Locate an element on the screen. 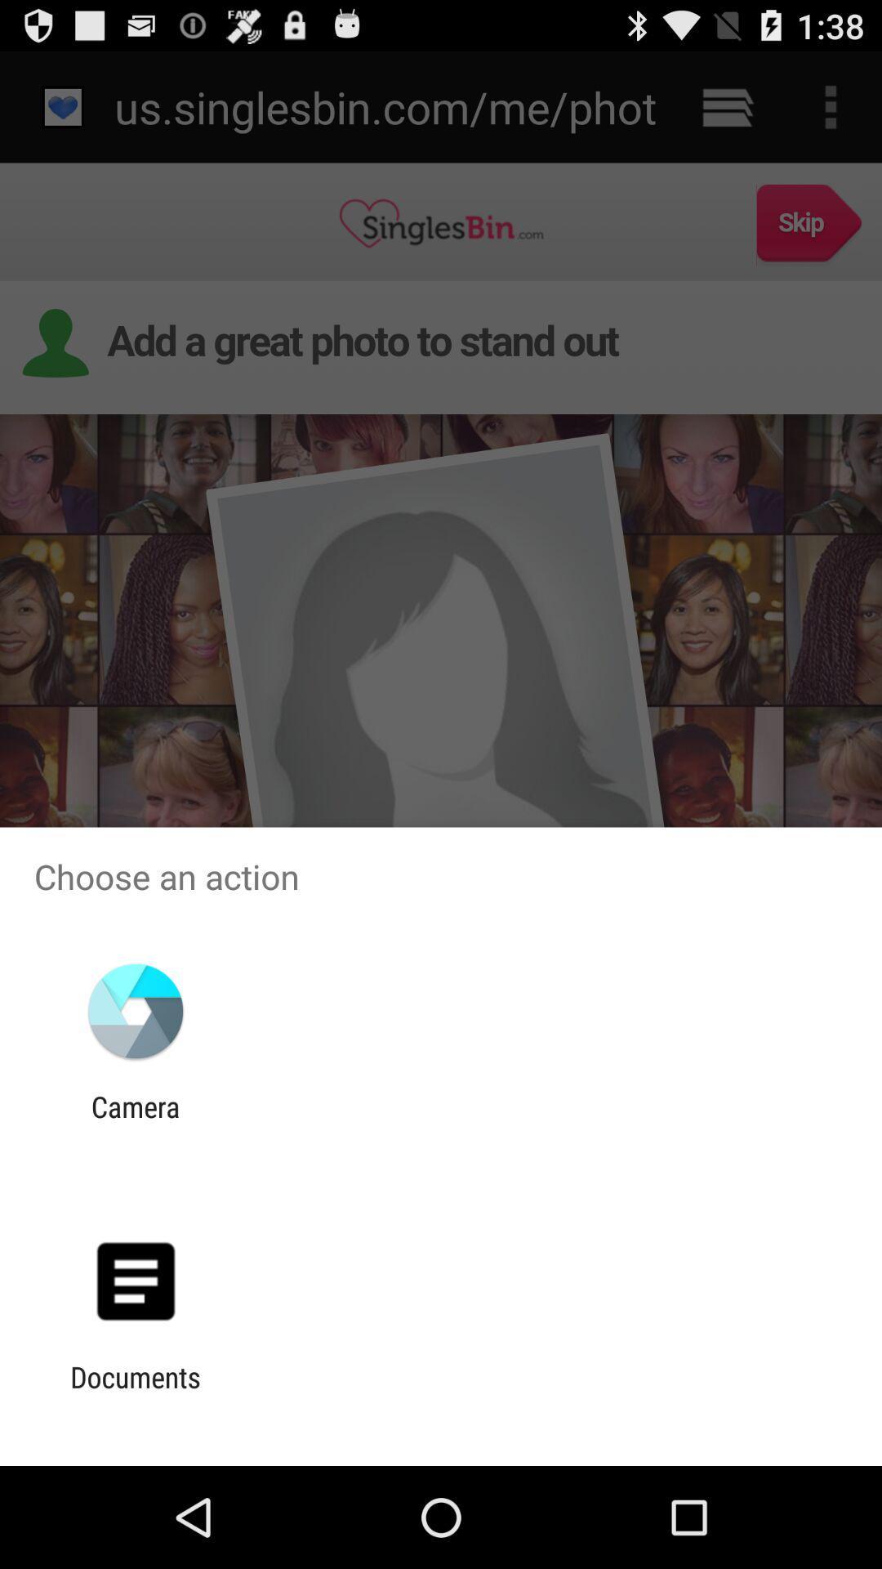 This screenshot has width=882, height=1569. the documents app is located at coordinates (135, 1393).